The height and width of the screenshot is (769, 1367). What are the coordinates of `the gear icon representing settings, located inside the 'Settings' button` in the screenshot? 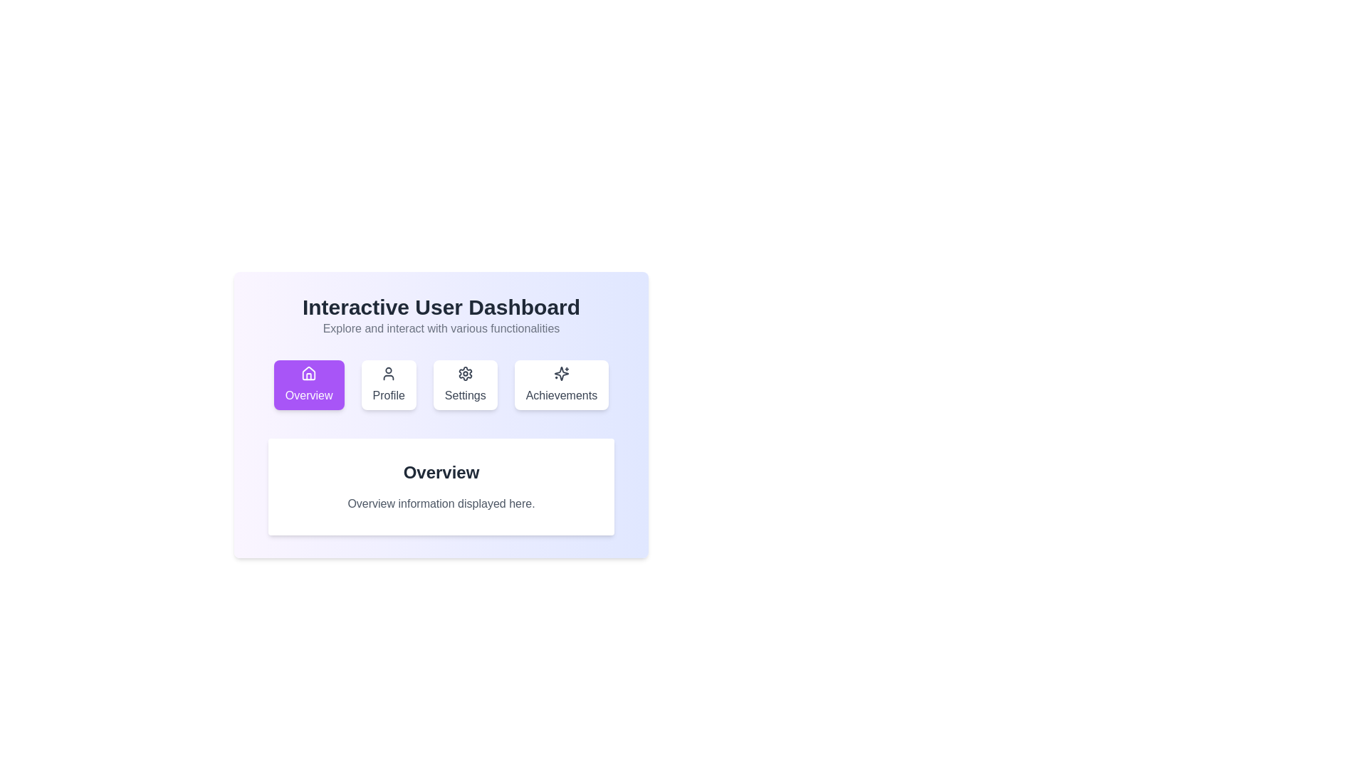 It's located at (465, 372).